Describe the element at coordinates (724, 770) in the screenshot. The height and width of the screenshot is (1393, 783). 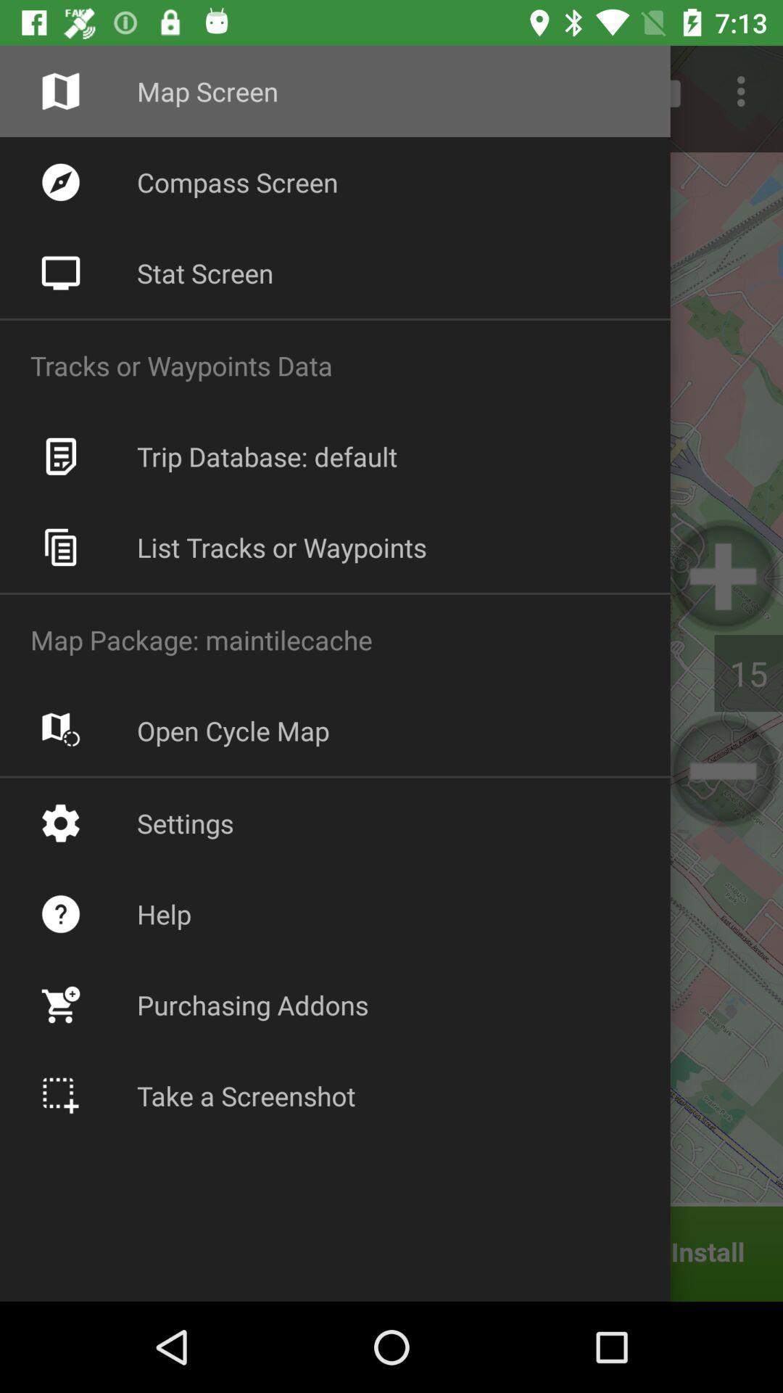
I see `the minus icon` at that location.